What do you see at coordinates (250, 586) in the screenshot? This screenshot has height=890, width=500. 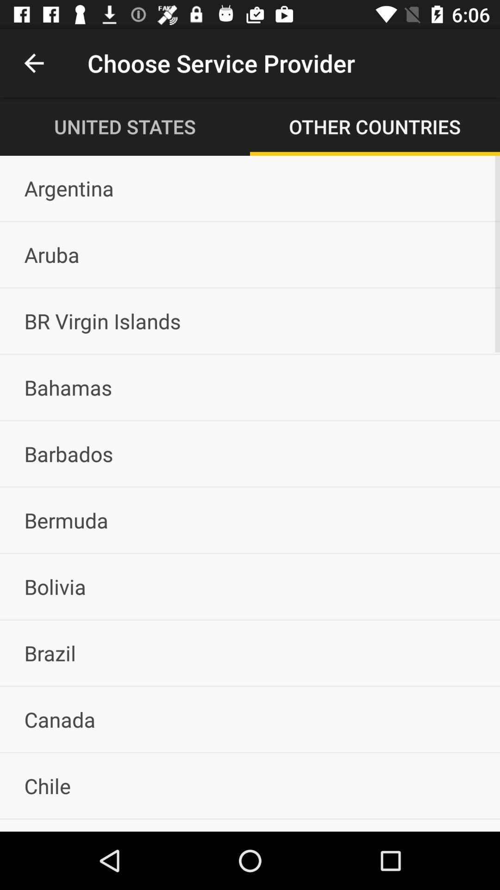 I see `the bolivia` at bounding box center [250, 586].